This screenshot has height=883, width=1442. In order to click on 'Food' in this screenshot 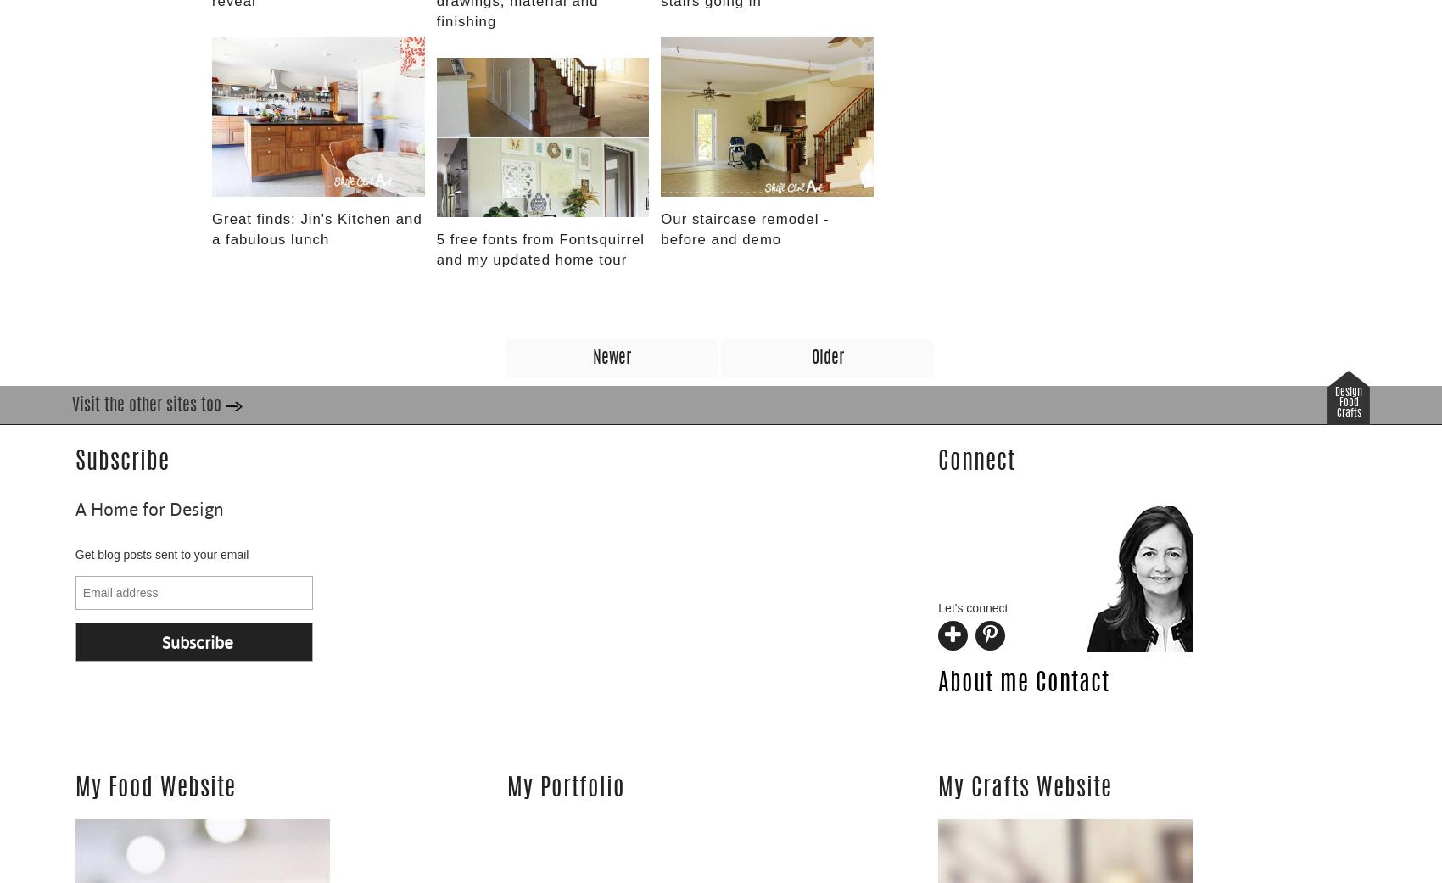, I will do `click(1348, 402)`.